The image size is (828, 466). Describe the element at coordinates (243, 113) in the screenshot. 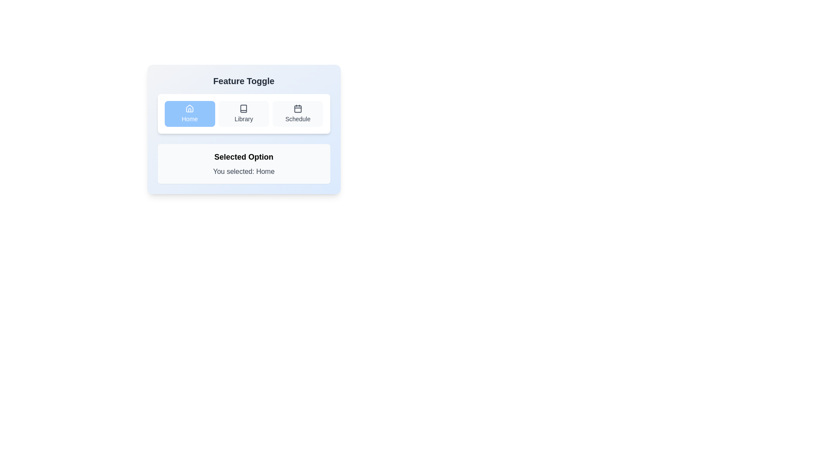

I see `the 'Library' button in the horizontal navigation bar` at that location.